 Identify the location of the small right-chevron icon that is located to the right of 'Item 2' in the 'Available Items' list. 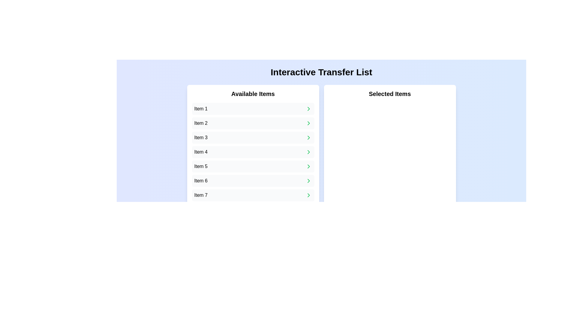
(308, 123).